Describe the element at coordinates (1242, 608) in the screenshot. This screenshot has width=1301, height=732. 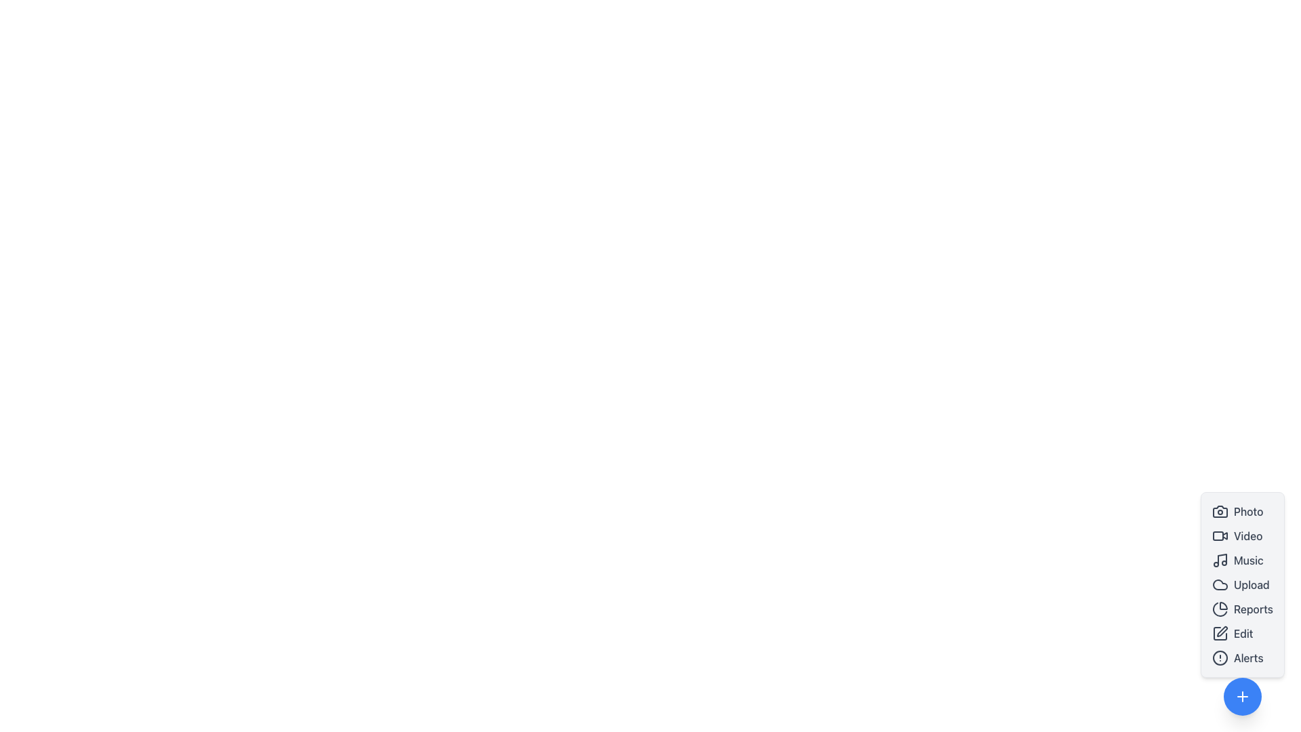
I see `the fifth item in the vertical list, which allows users to navigate to or perform actions related to generating or viewing reports, to trigger a visual effect` at that location.